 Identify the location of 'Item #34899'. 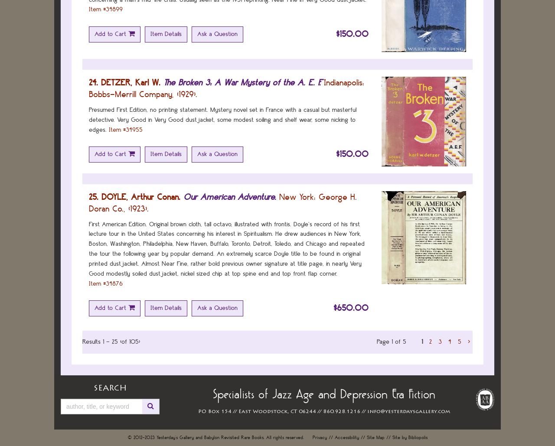
(105, 9).